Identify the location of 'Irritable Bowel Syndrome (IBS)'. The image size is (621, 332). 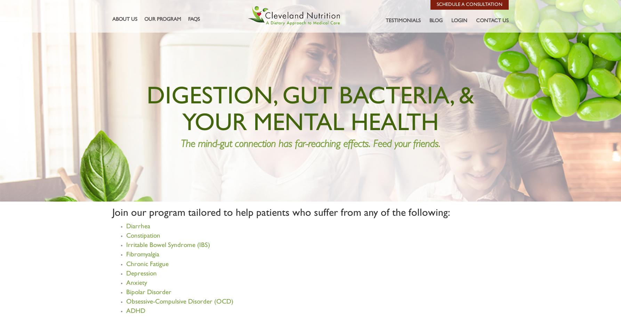
(168, 245).